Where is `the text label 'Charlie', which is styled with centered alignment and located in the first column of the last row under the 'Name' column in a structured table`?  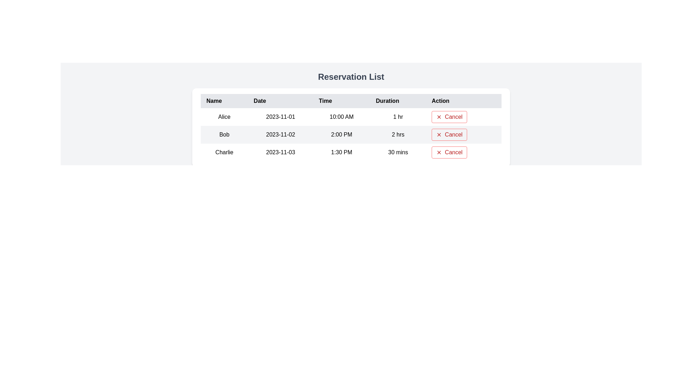
the text label 'Charlie', which is styled with centered alignment and located in the first column of the last row under the 'Name' column in a structured table is located at coordinates (224, 152).